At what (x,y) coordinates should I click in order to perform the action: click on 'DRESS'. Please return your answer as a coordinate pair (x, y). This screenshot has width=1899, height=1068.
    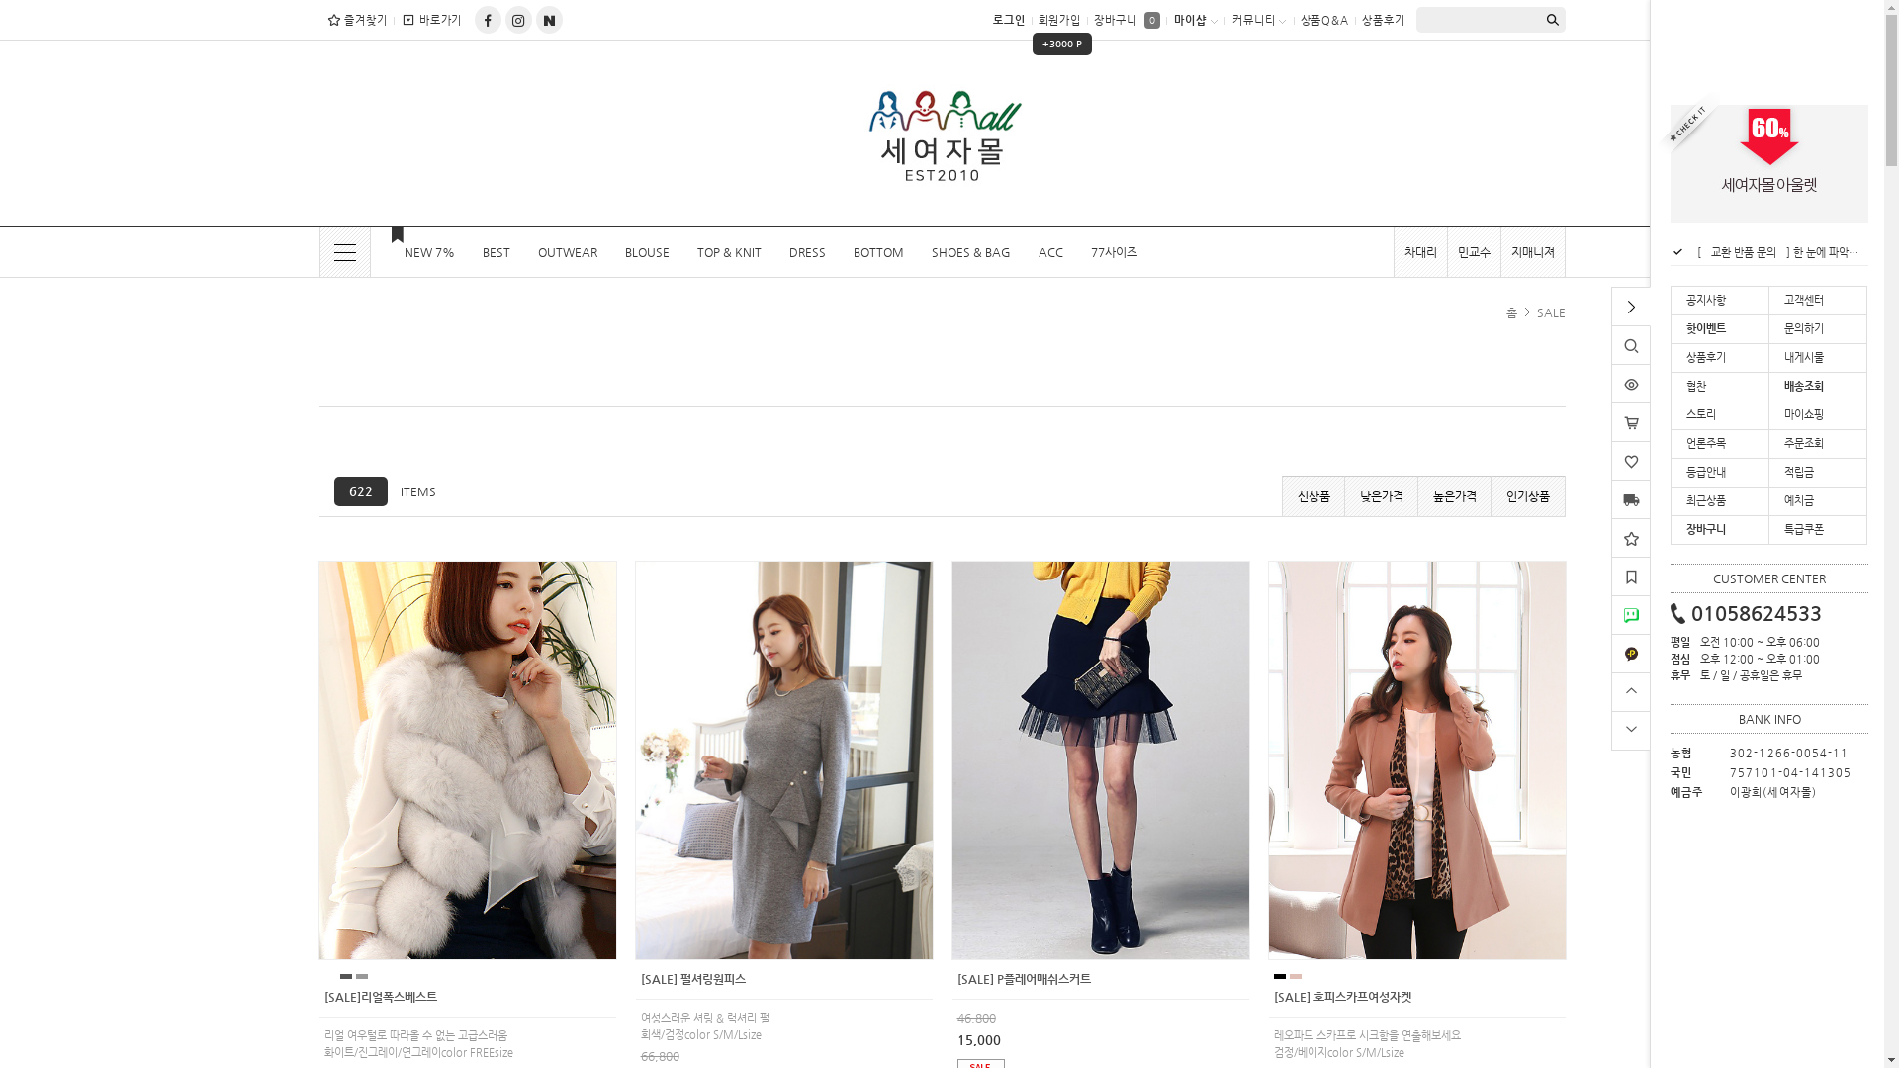
    Looking at the image, I should click on (807, 250).